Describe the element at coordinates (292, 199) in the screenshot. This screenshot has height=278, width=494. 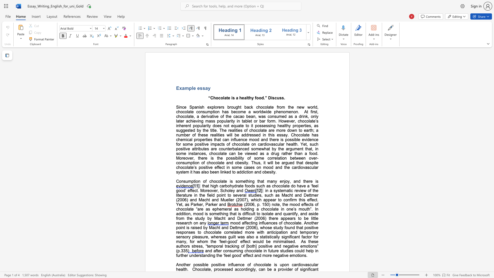
I see `the subset text "rm" within the text "appear to confirm"` at that location.